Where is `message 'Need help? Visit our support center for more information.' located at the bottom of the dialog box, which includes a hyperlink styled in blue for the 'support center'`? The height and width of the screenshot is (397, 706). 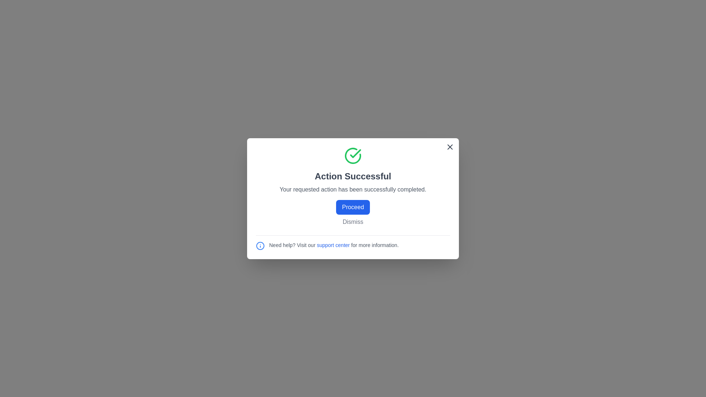 message 'Need help? Visit our support center for more information.' located at the bottom of the dialog box, which includes a hyperlink styled in blue for the 'support center' is located at coordinates (353, 242).